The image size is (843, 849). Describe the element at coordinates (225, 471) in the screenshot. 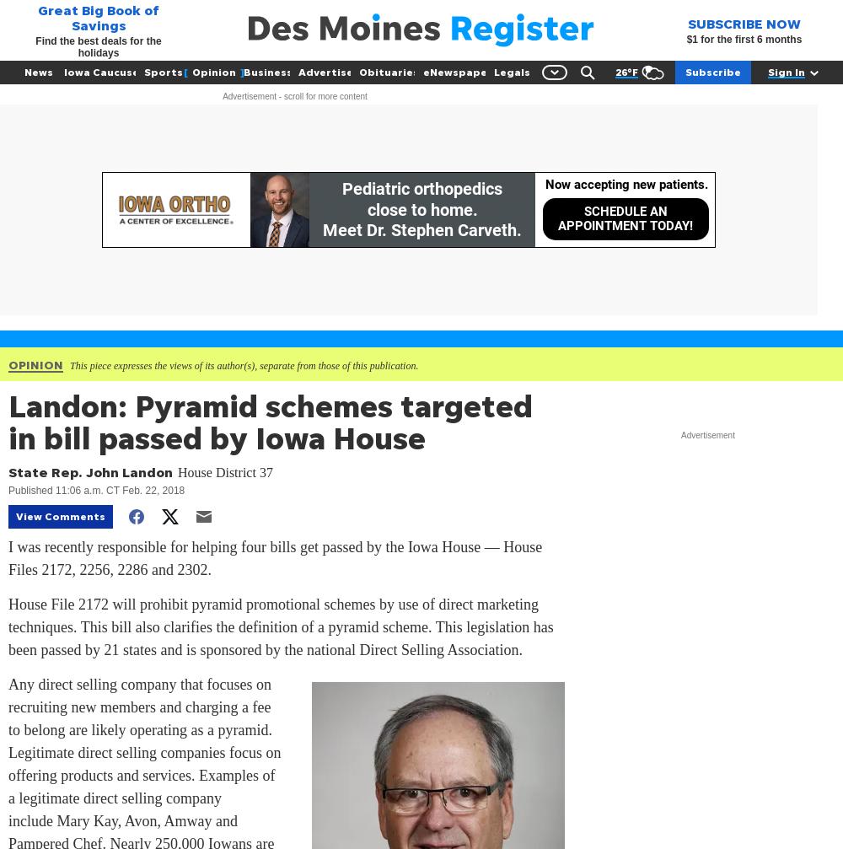

I see `'House District 37'` at that location.